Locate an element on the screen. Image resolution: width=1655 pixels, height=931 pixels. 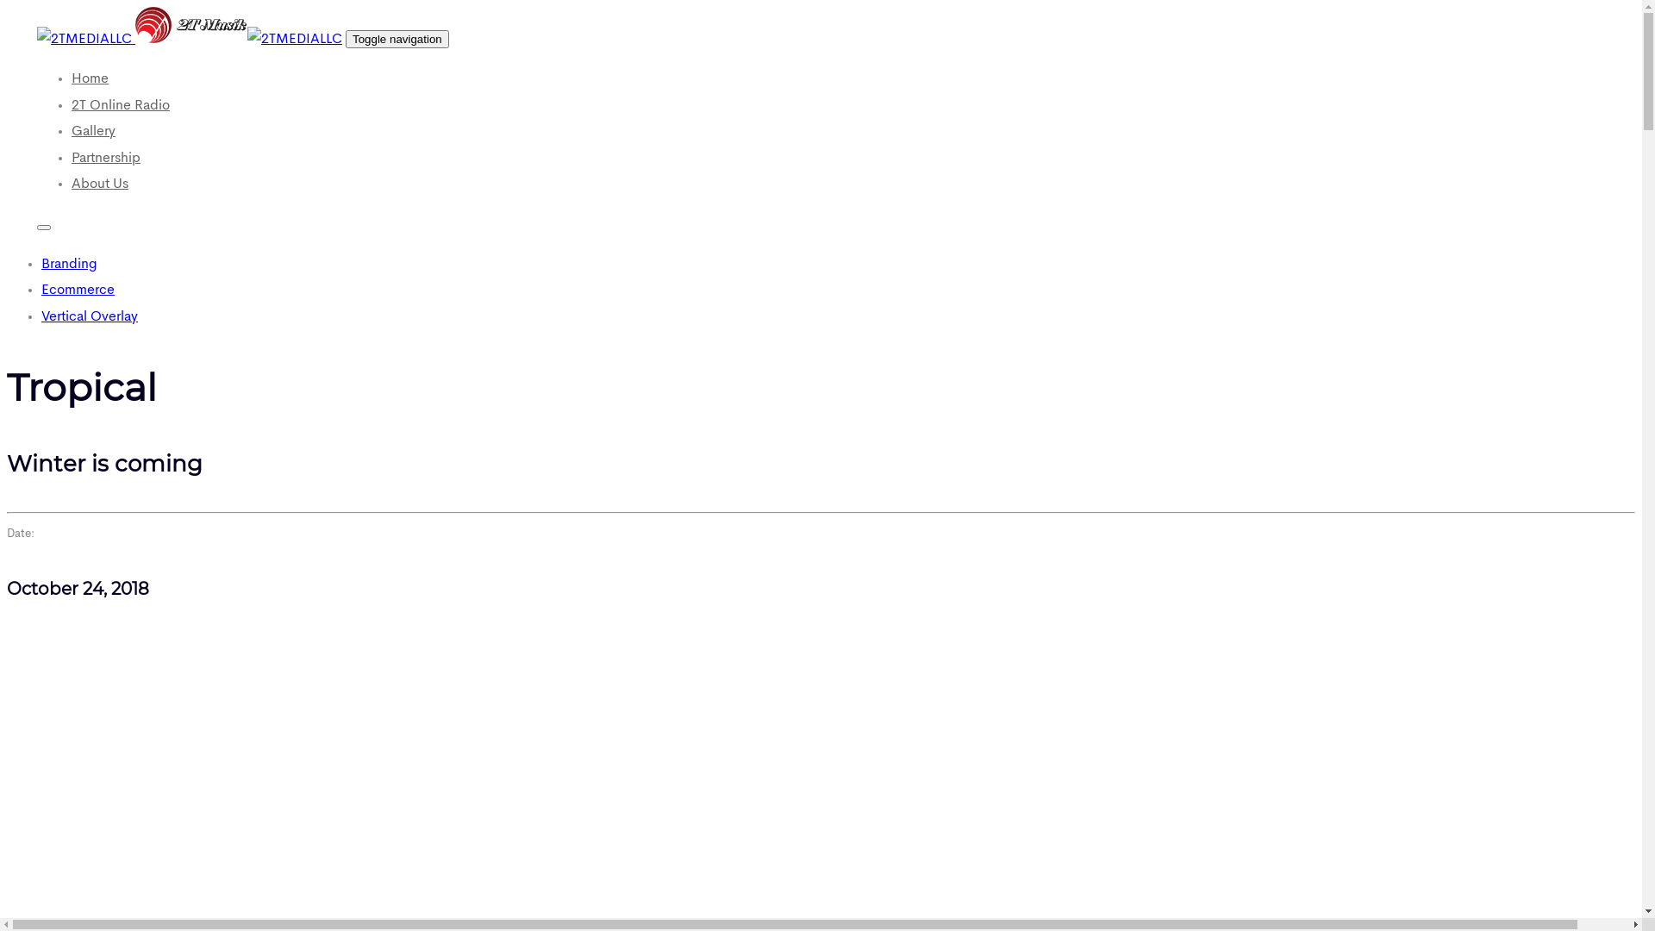
'Vertical Overlay' is located at coordinates (89, 316).